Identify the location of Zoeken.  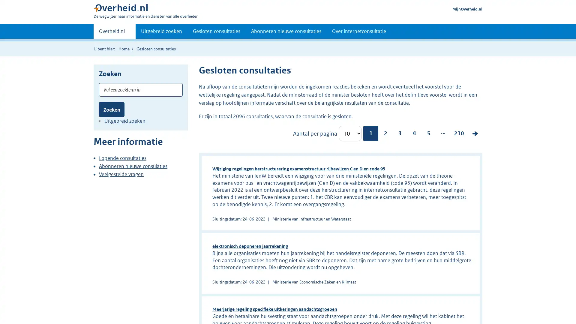
(112, 109).